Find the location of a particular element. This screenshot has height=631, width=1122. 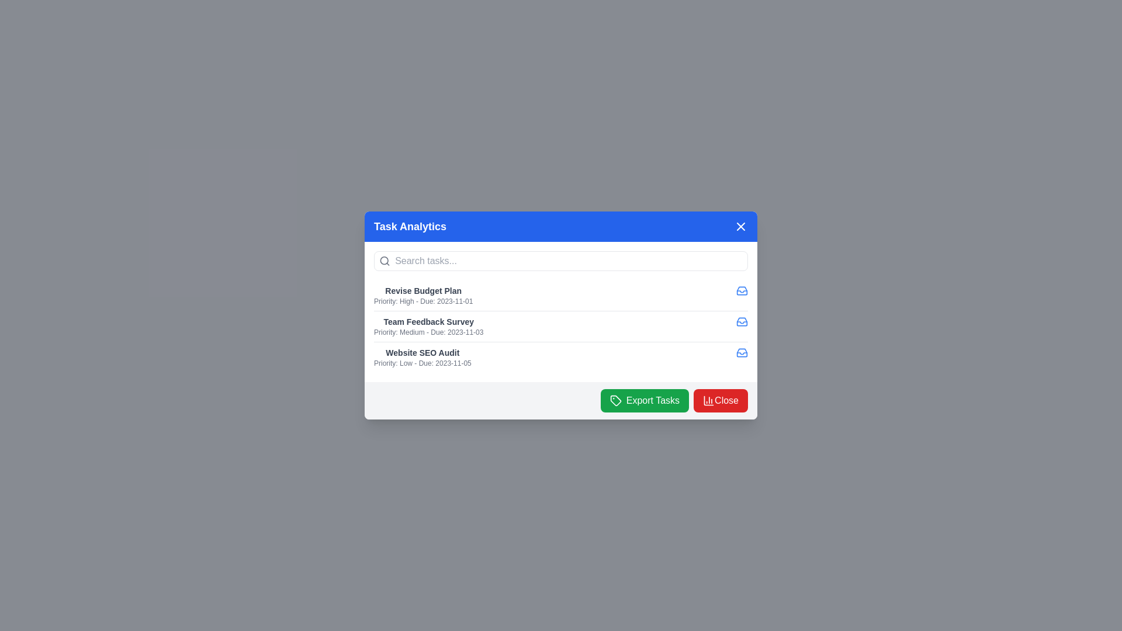

the icon for the 'Team Feedback Survey' located to the far right of the second row in the task list is located at coordinates (742, 322).